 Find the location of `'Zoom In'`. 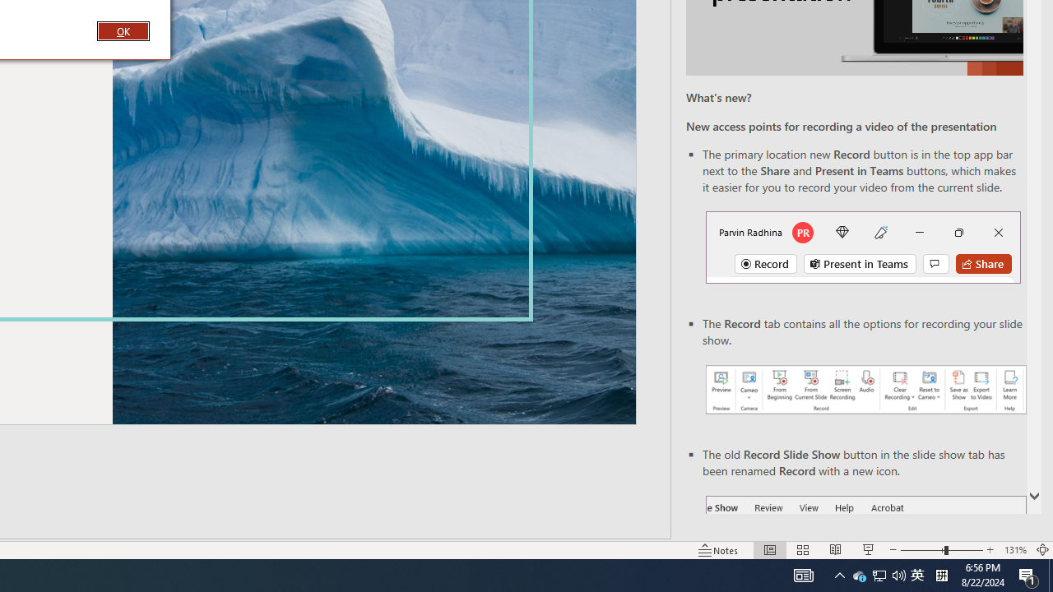

'Zoom In' is located at coordinates (990, 550).